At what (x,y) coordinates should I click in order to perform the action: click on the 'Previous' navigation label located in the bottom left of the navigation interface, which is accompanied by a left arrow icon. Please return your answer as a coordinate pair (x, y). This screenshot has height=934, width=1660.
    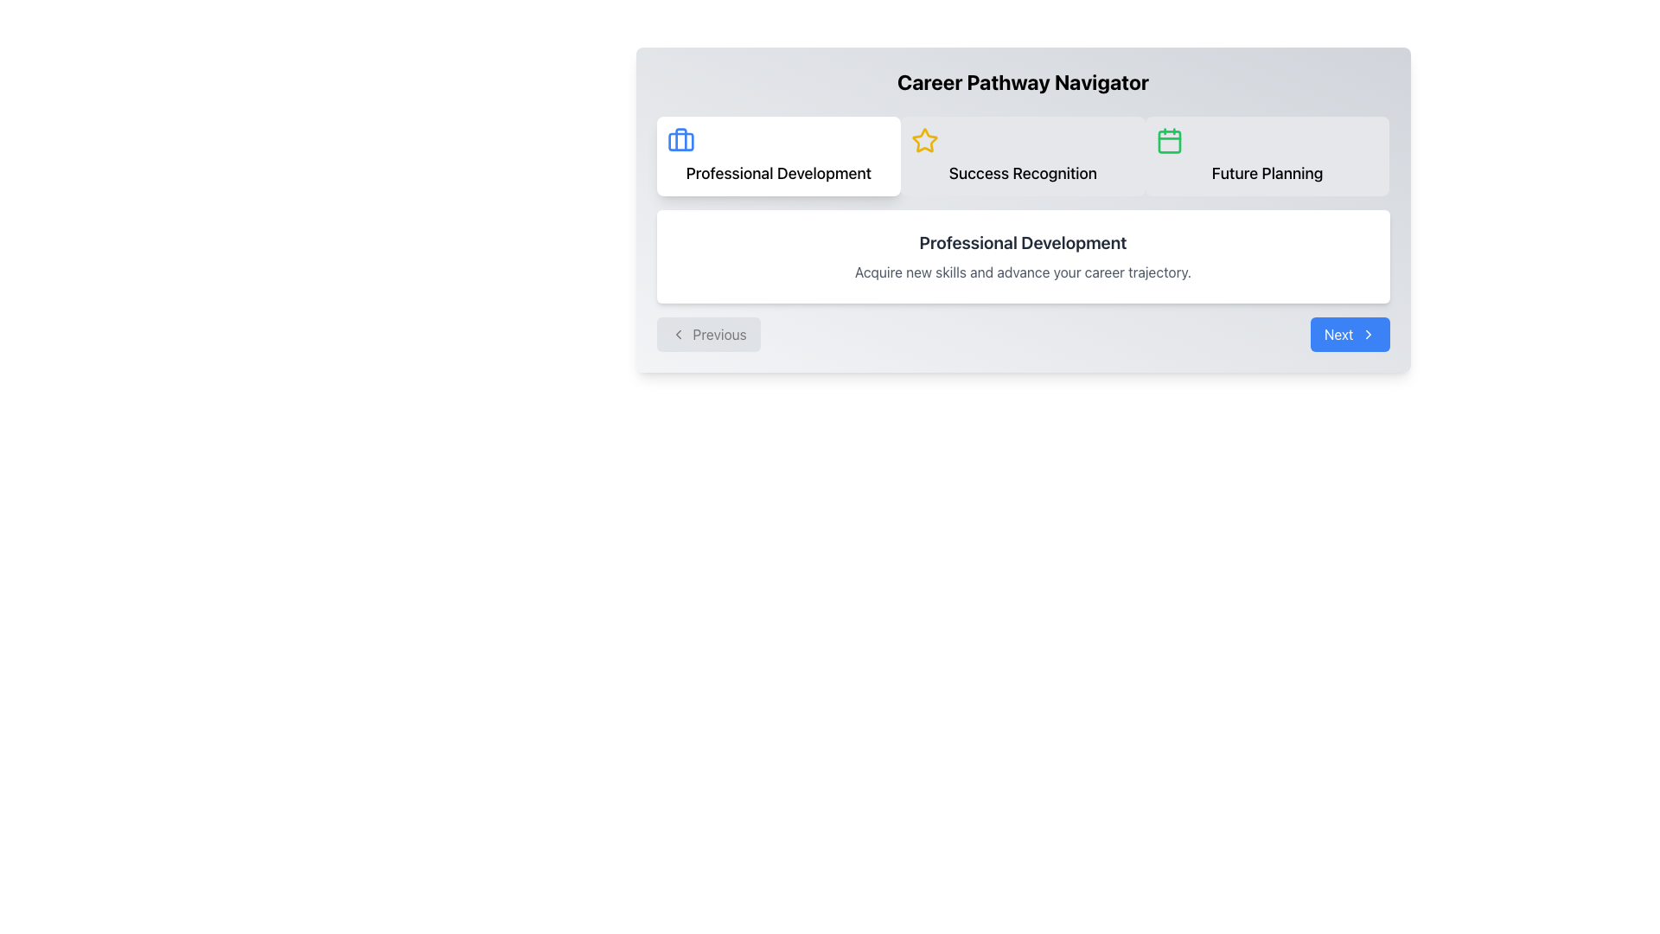
    Looking at the image, I should click on (719, 334).